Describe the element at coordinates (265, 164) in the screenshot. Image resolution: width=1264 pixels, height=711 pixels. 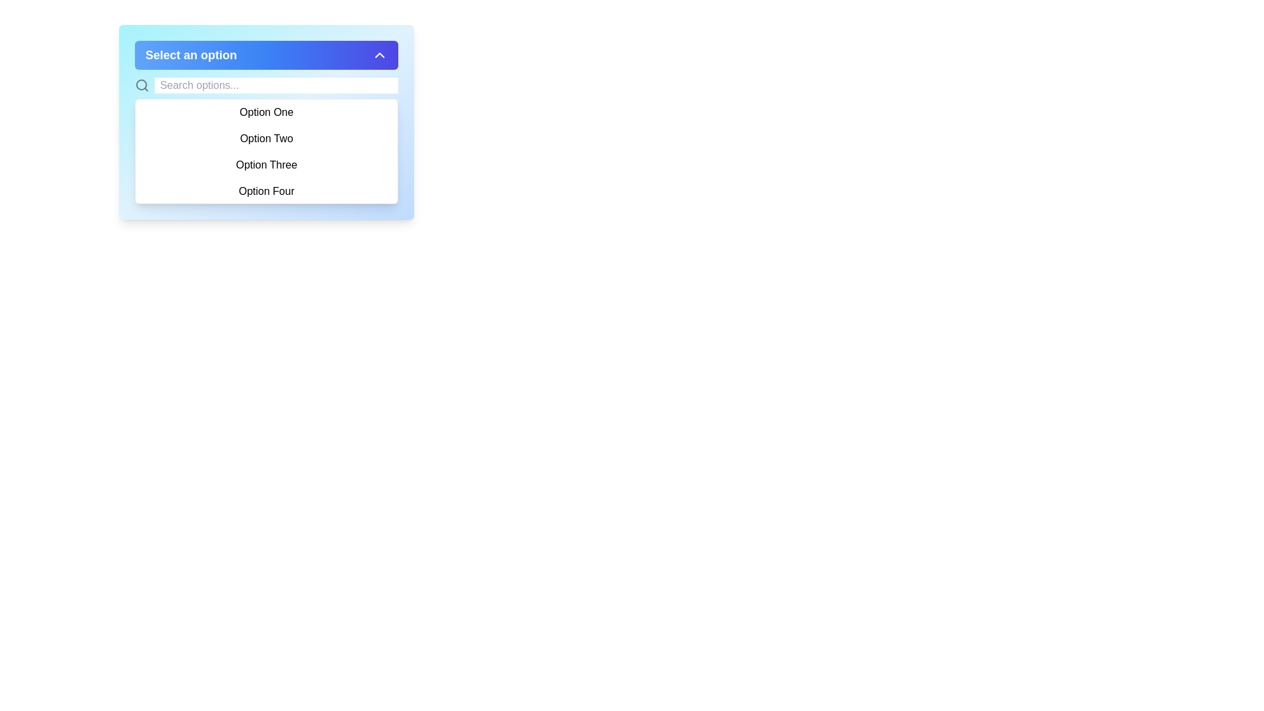
I see `to select the dropdown menu option labeled 'Option Three', which is the third item in the list of options` at that location.